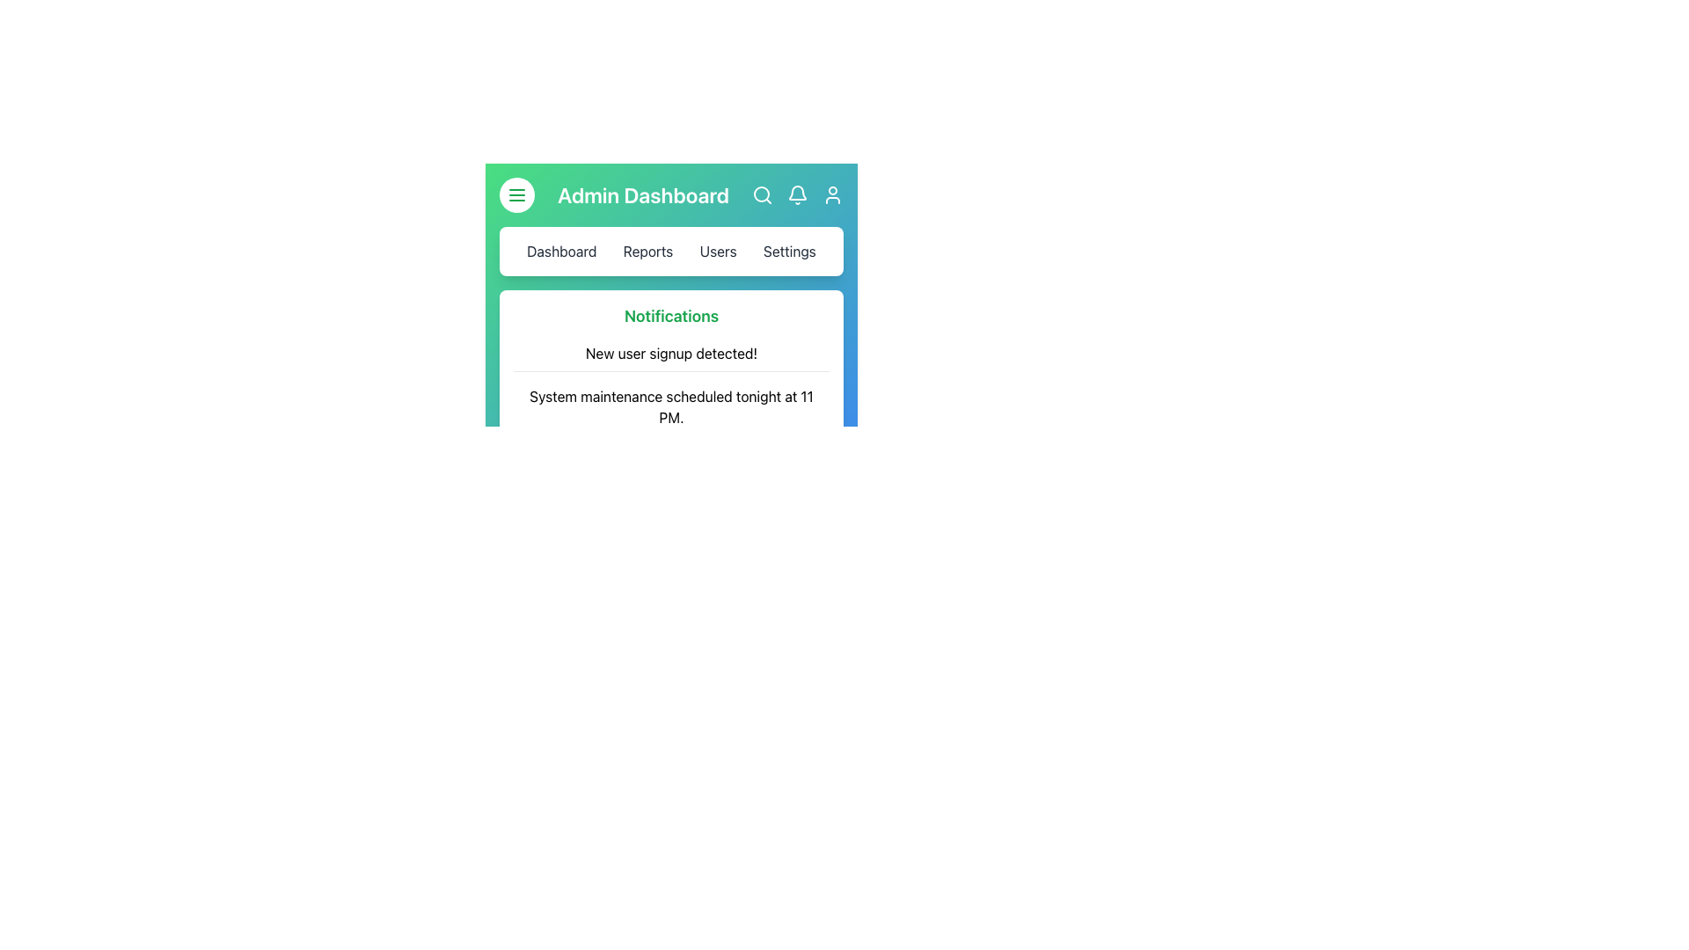 The image size is (1689, 950). What do you see at coordinates (647, 251) in the screenshot?
I see `the 'Reports' text label in the navigation menu` at bounding box center [647, 251].